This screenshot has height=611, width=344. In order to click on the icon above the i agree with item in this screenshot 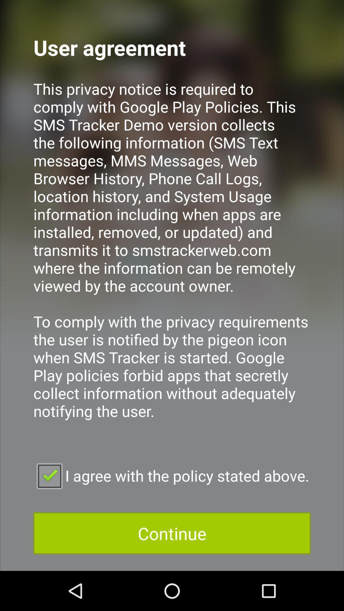, I will do `click(172, 258)`.